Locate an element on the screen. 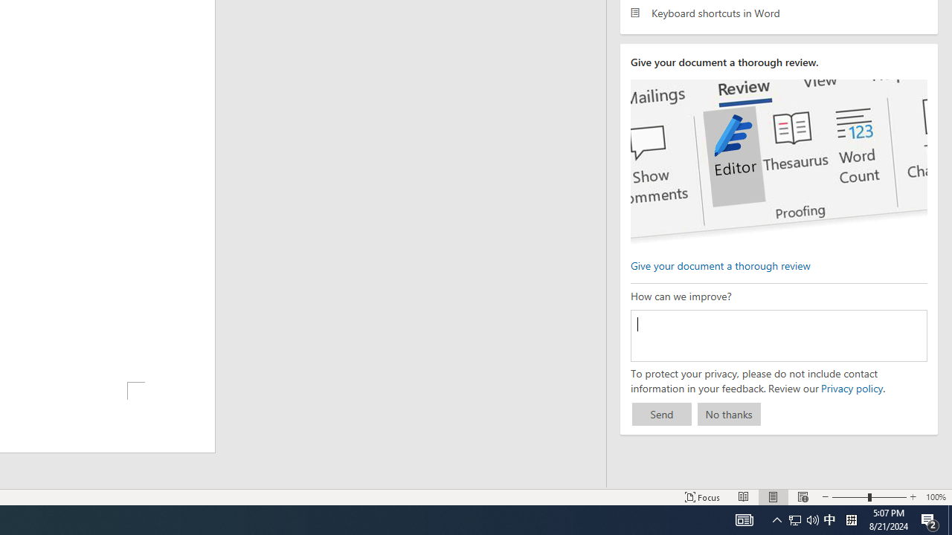 The height and width of the screenshot is (535, 952). 'Zoom In' is located at coordinates (912, 497).